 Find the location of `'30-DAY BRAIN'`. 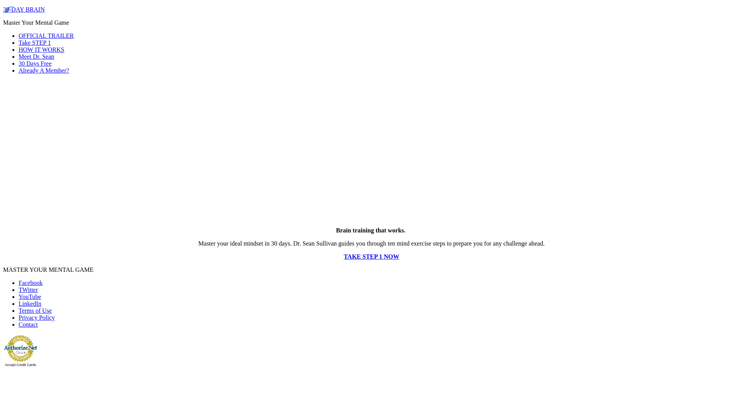

'30-DAY BRAIN' is located at coordinates (24, 9).